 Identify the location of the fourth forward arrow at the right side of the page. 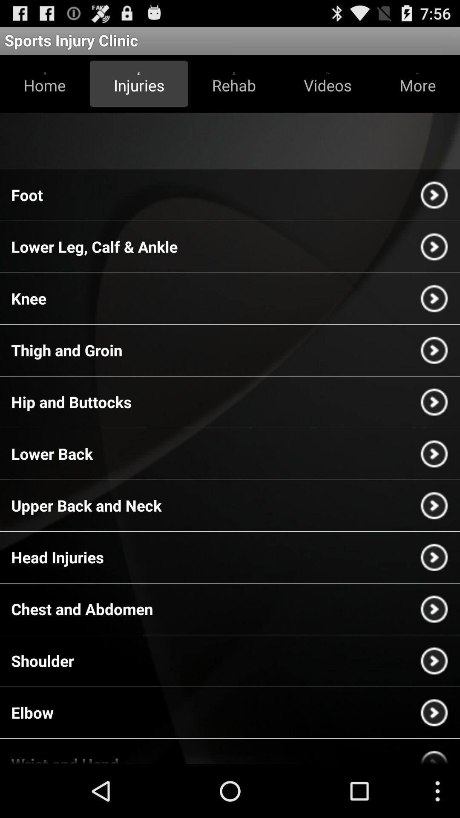
(434, 350).